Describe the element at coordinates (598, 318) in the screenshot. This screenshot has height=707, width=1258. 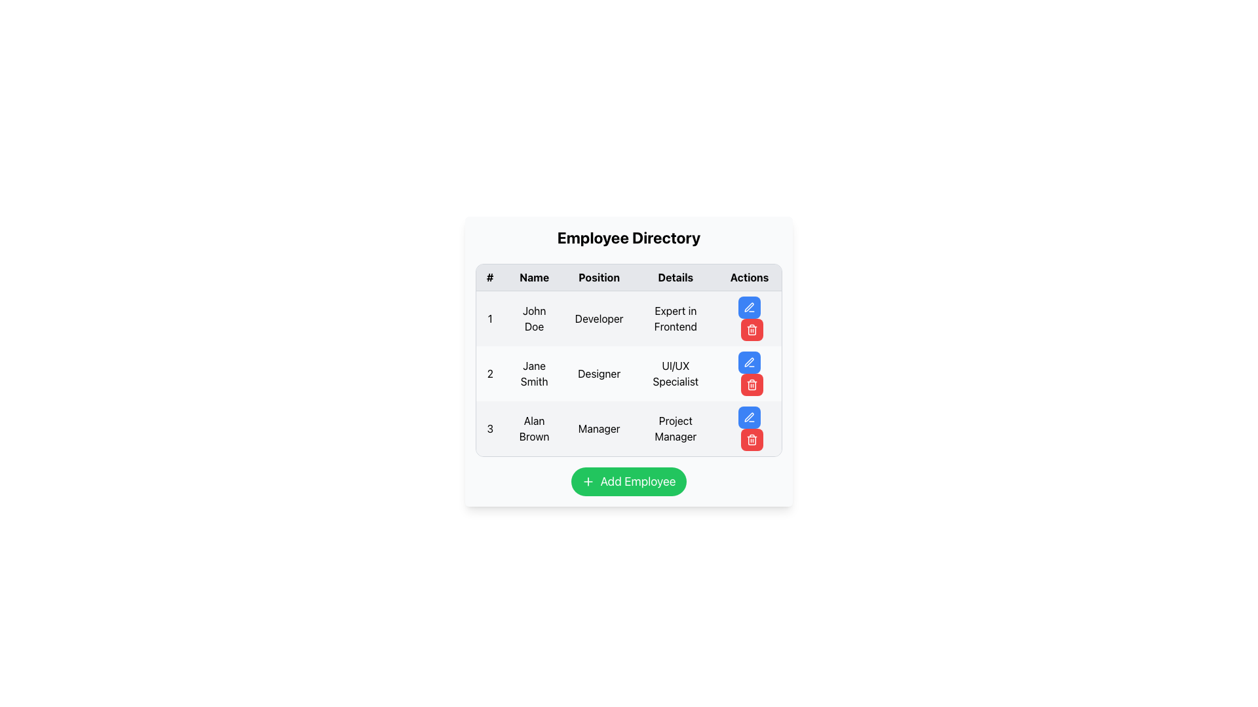
I see `the text label displaying the job title 'Developer' for John Doe in the employee table, located in the third column of the first row under the 'Position' column` at that location.